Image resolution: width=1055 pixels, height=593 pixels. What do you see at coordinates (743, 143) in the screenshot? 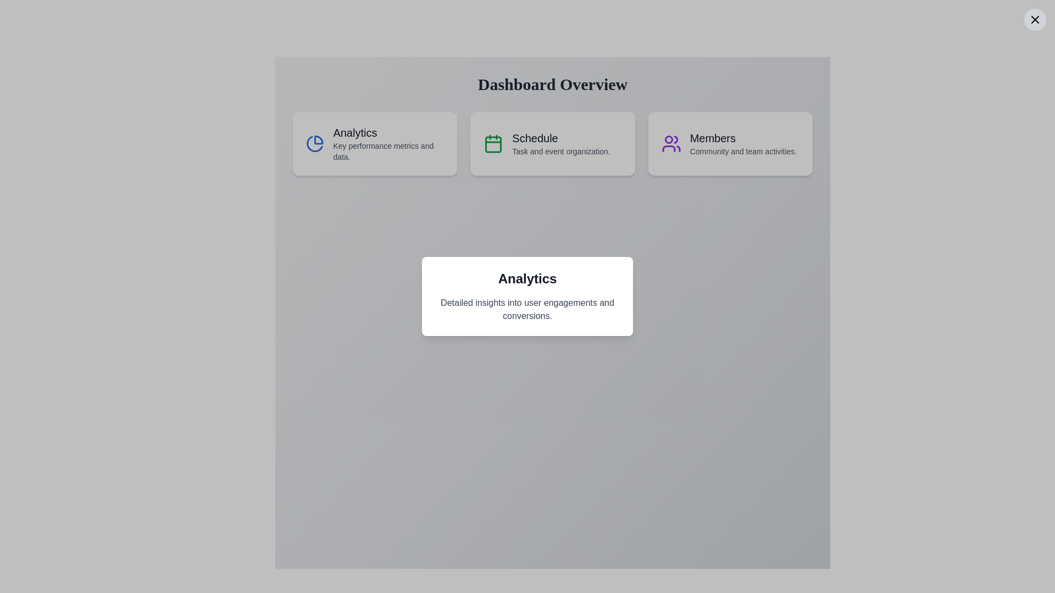
I see `text from the informational block with the heading 'Members' and subheading 'Community and team activities.'` at bounding box center [743, 143].